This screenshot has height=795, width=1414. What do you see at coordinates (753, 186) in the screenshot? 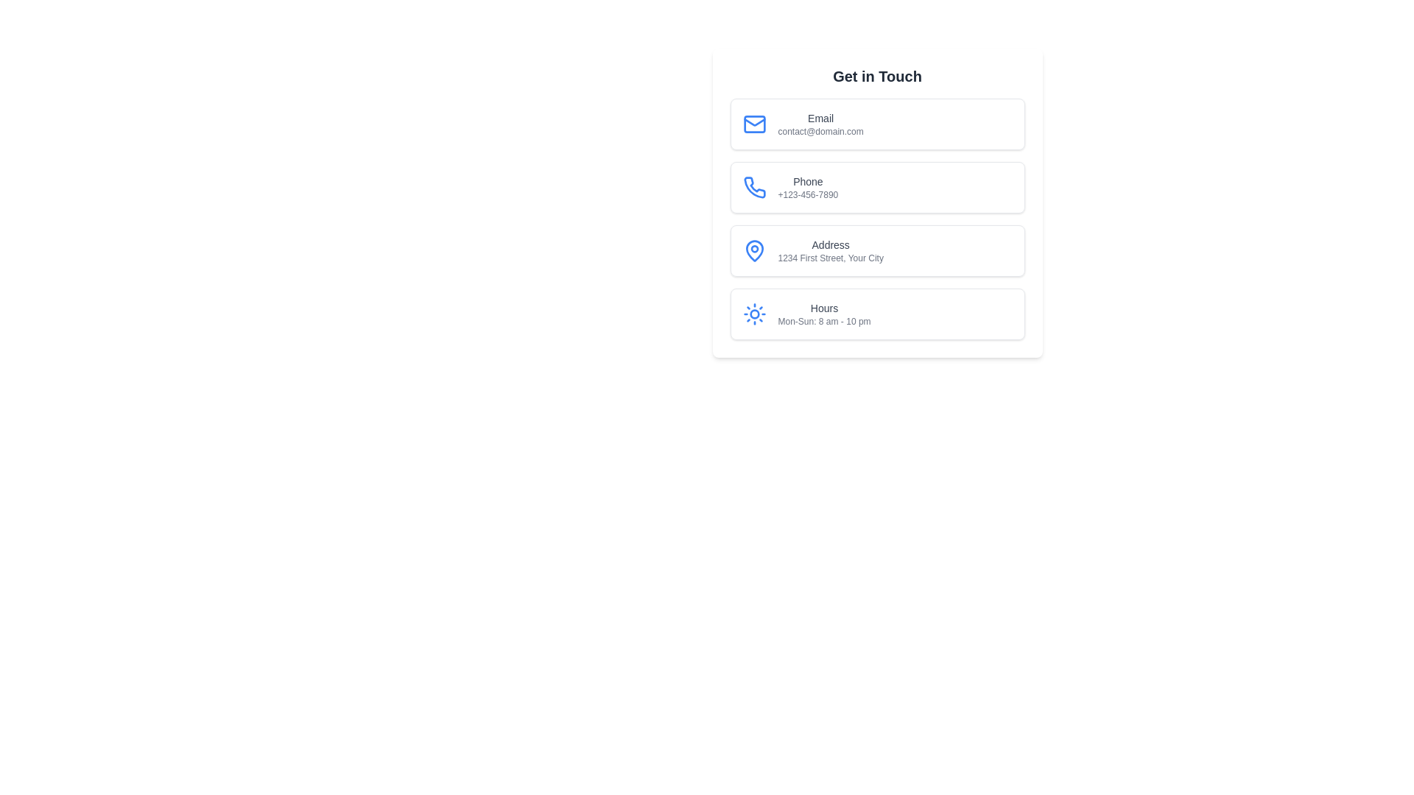
I see `the blue phone icon, which resembles a traditional telephone receiver, located in the 'Get in Touch' card, positioned between the 'Email' icon and the 'Address' icon` at bounding box center [753, 186].